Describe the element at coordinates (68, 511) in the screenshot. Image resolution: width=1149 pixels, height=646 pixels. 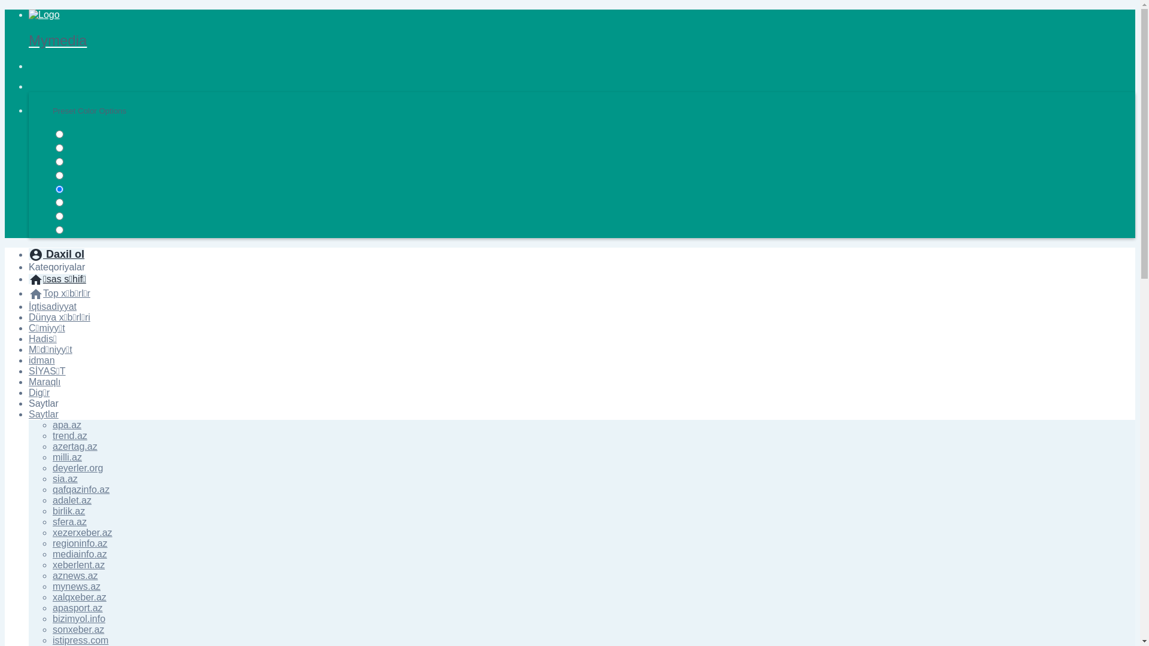
I see `'birlik.az'` at that location.